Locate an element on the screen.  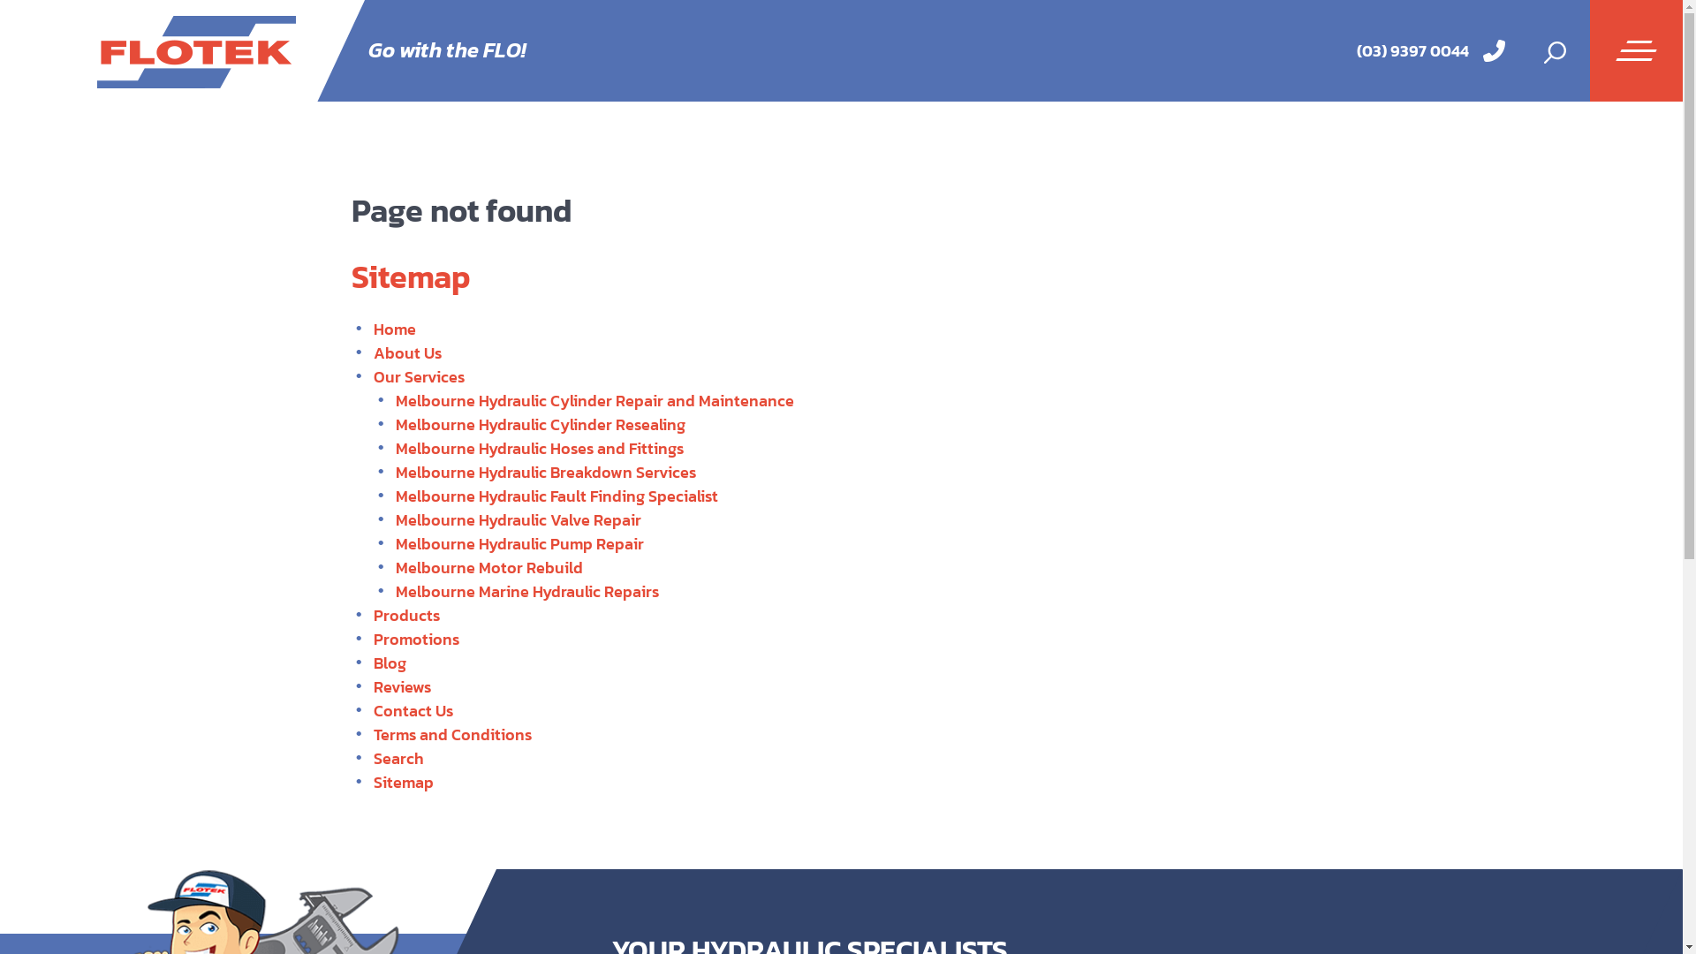
'Melbourne Motor Rebuild' is located at coordinates (488, 567).